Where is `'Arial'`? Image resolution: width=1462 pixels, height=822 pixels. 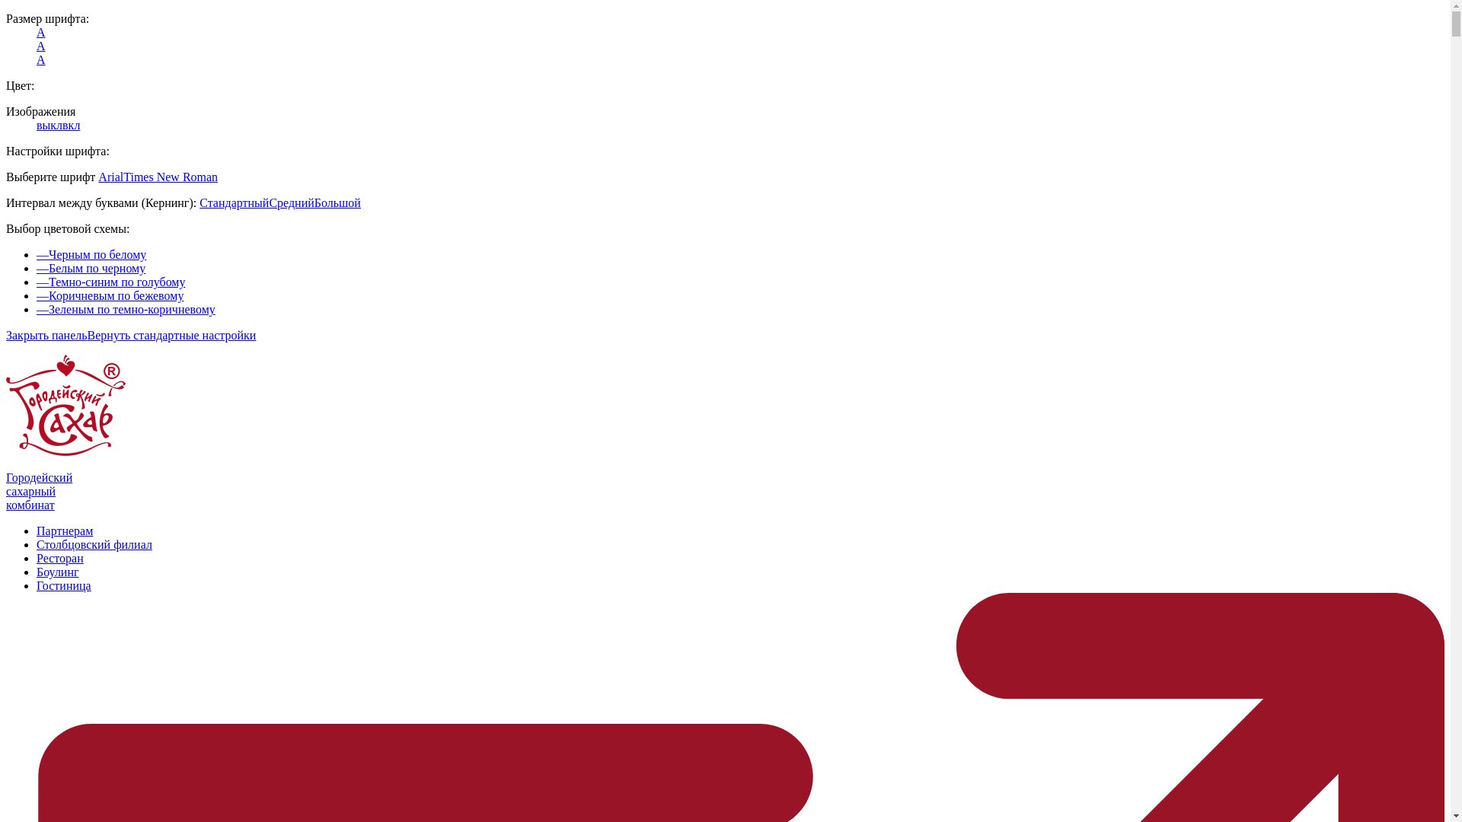
'Arial' is located at coordinates (110, 176).